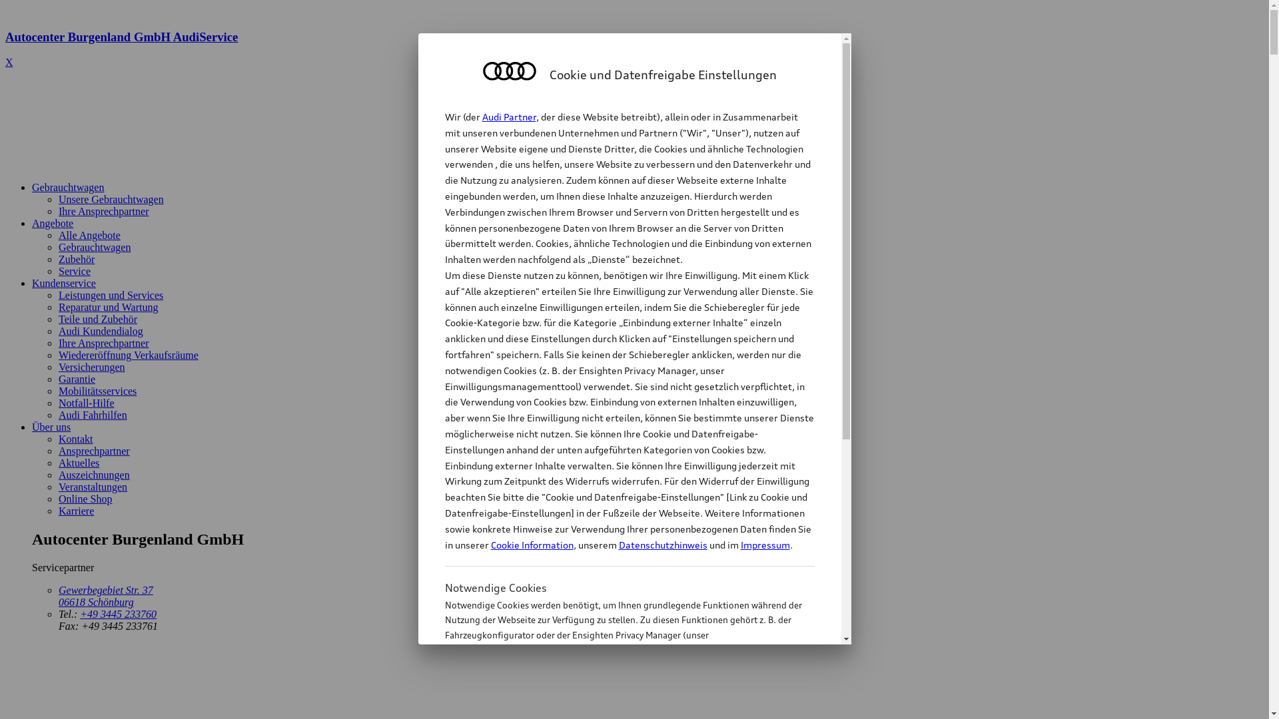 The width and height of the screenshot is (1279, 719). What do you see at coordinates (57, 487) in the screenshot?
I see `'Veranstaltungen'` at bounding box center [57, 487].